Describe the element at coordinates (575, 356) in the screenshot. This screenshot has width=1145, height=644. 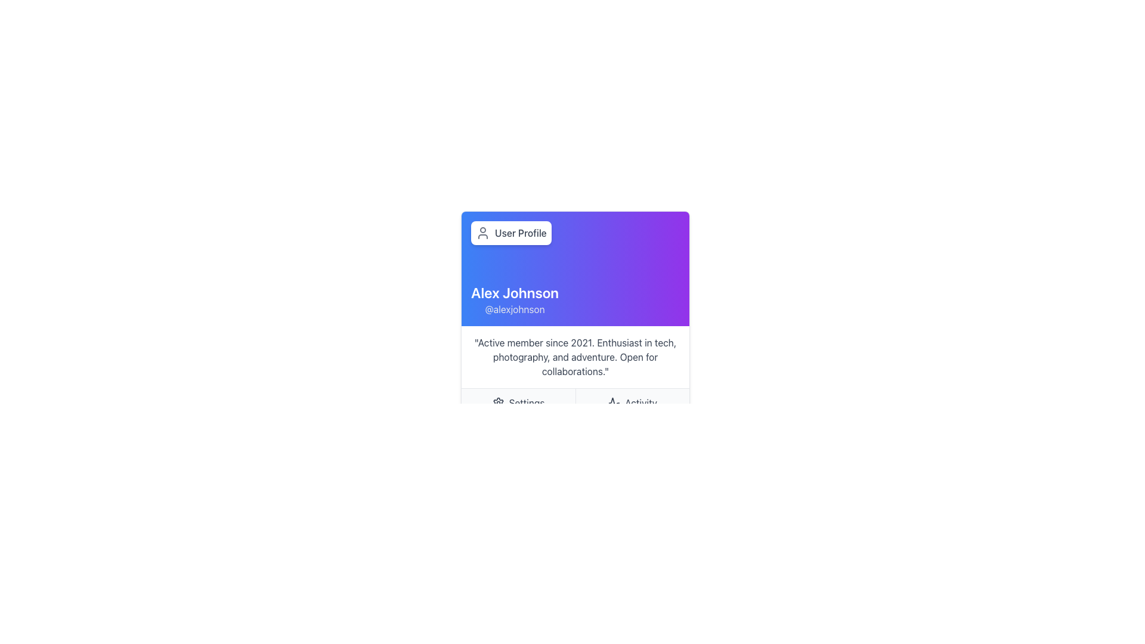
I see `the static text field displaying the user's profile description, which is located below the user's name and username within the user profile card` at that location.